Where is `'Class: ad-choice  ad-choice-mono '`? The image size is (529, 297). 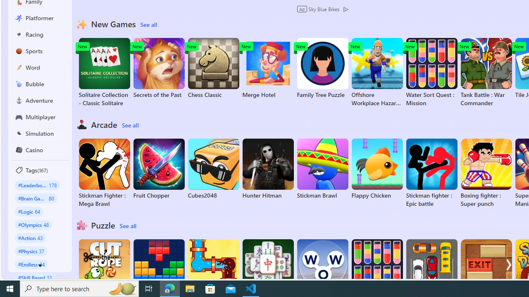 'Class: ad-choice  ad-choice-mono ' is located at coordinates (346, 9).